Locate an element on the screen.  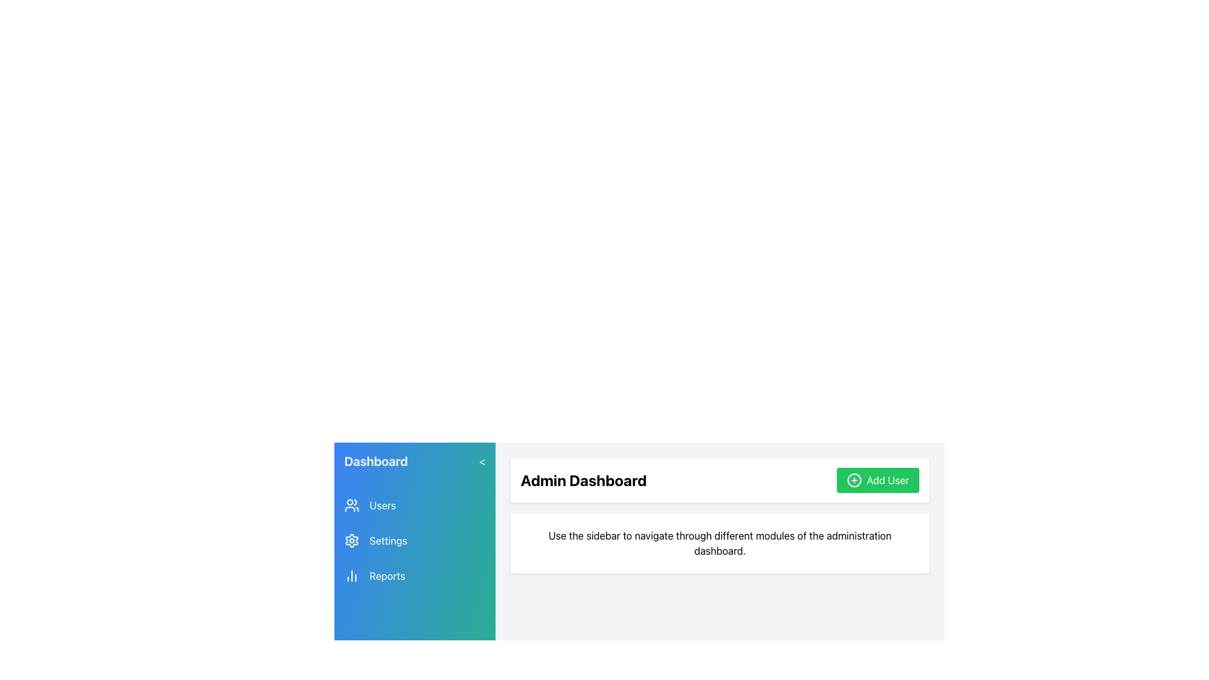
the small blue gear icon located in the sidebar under the 'Settings' label, which serves as the settings section icon is located at coordinates (351, 540).